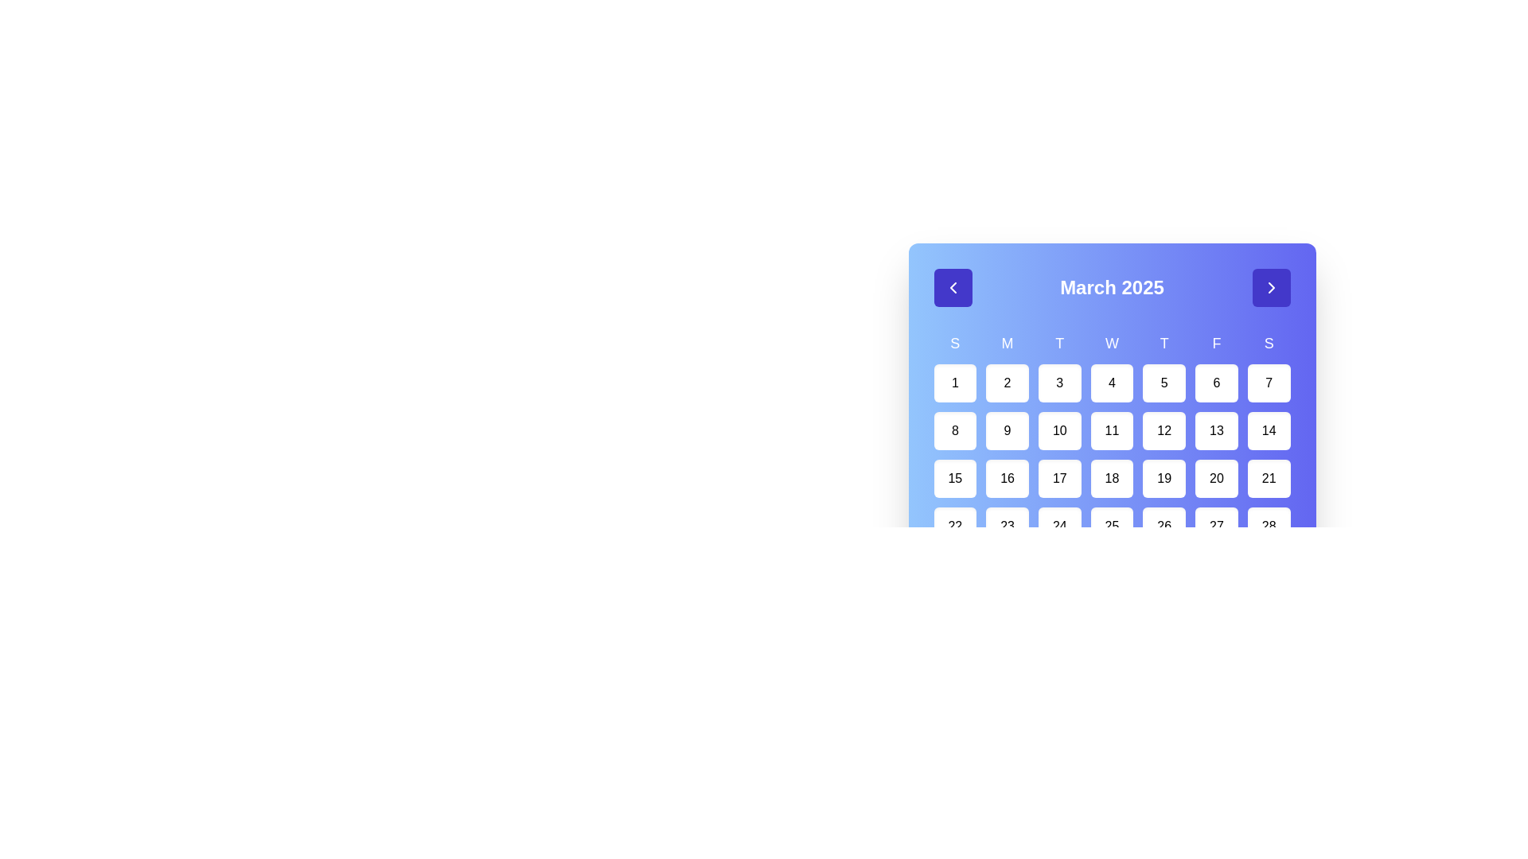  I want to click on the rounded rectangular button labeled '25' in the calendar grid layout to trigger the hover effect that changes its background to indigo, so click(1111, 527).